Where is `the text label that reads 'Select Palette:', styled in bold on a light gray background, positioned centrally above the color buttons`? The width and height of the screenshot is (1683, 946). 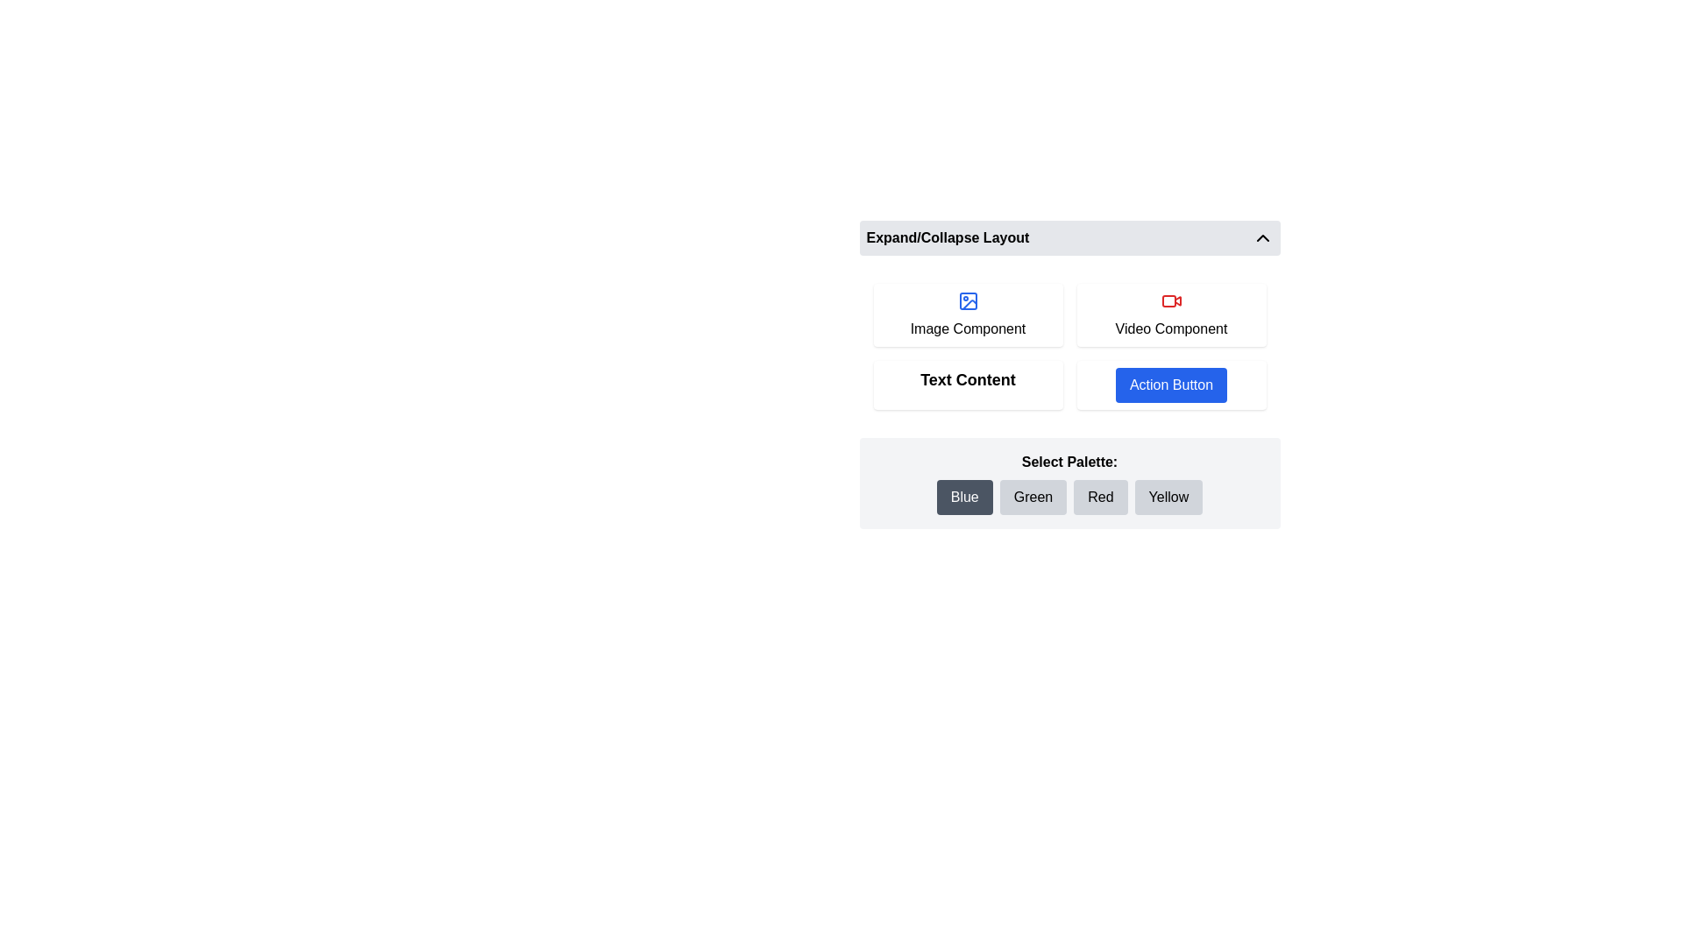
the text label that reads 'Select Palette:', styled in bold on a light gray background, positioned centrally above the color buttons is located at coordinates (1069, 462).